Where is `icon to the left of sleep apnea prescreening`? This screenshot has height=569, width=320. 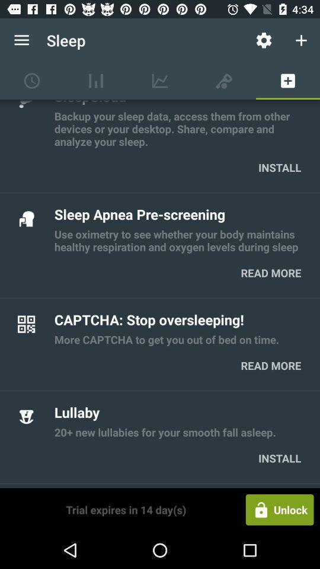
icon to the left of sleep apnea prescreening is located at coordinates (26, 218).